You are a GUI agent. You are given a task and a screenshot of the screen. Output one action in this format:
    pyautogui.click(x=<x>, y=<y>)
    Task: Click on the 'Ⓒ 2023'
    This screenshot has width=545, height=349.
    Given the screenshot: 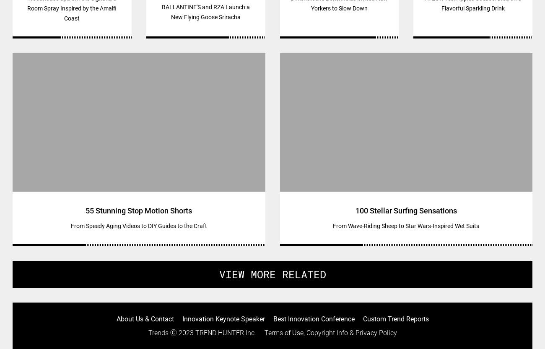 What is the action you would take?
    pyautogui.click(x=182, y=332)
    